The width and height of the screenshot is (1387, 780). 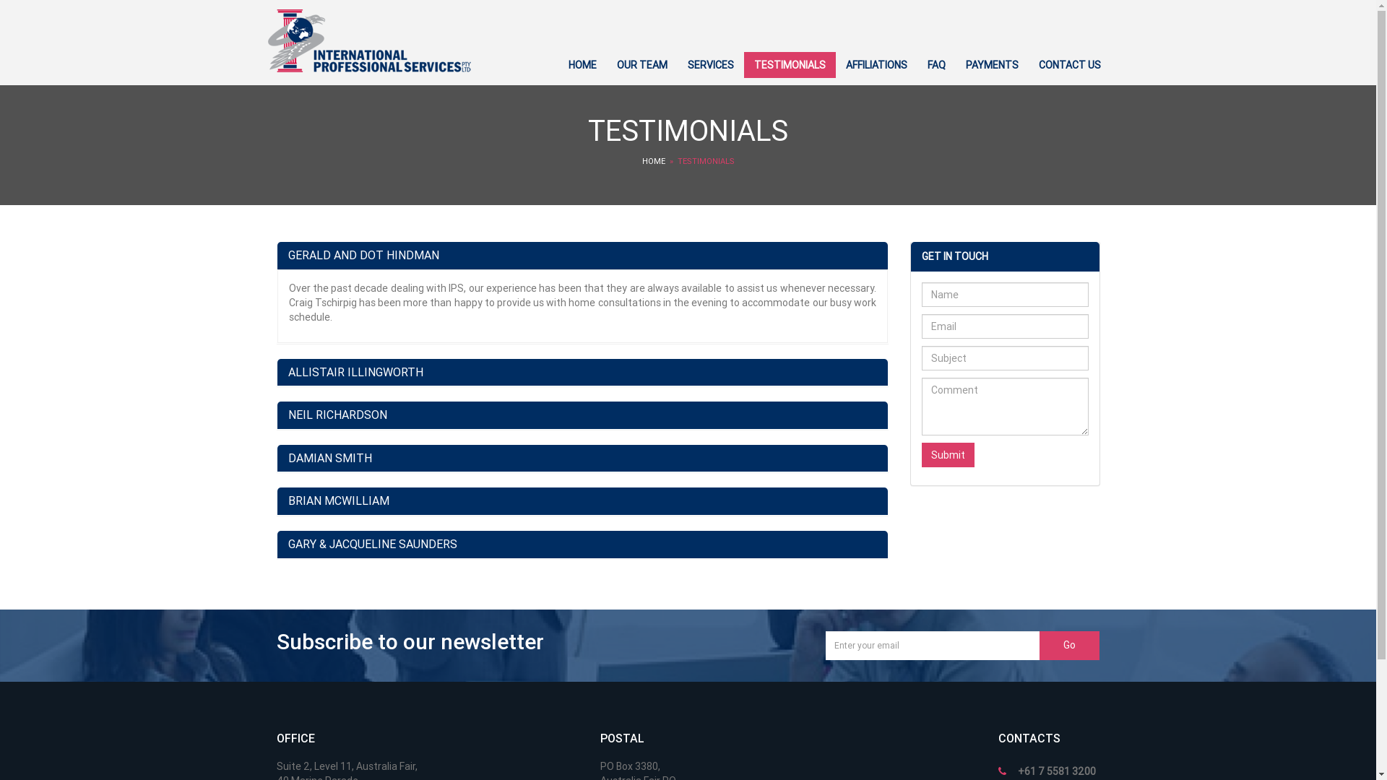 What do you see at coordinates (710, 64) in the screenshot?
I see `'SERVICES'` at bounding box center [710, 64].